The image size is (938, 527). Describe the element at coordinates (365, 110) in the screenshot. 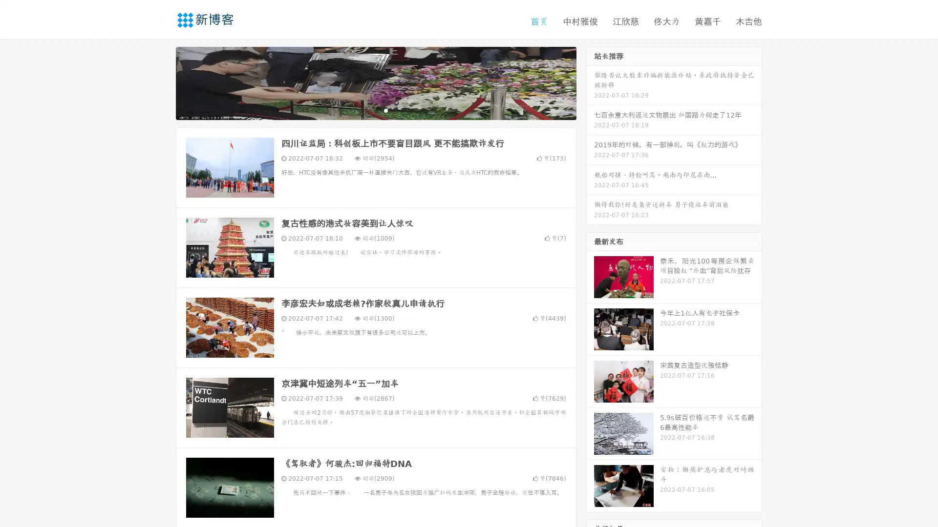

I see `Go to slide 1` at that location.